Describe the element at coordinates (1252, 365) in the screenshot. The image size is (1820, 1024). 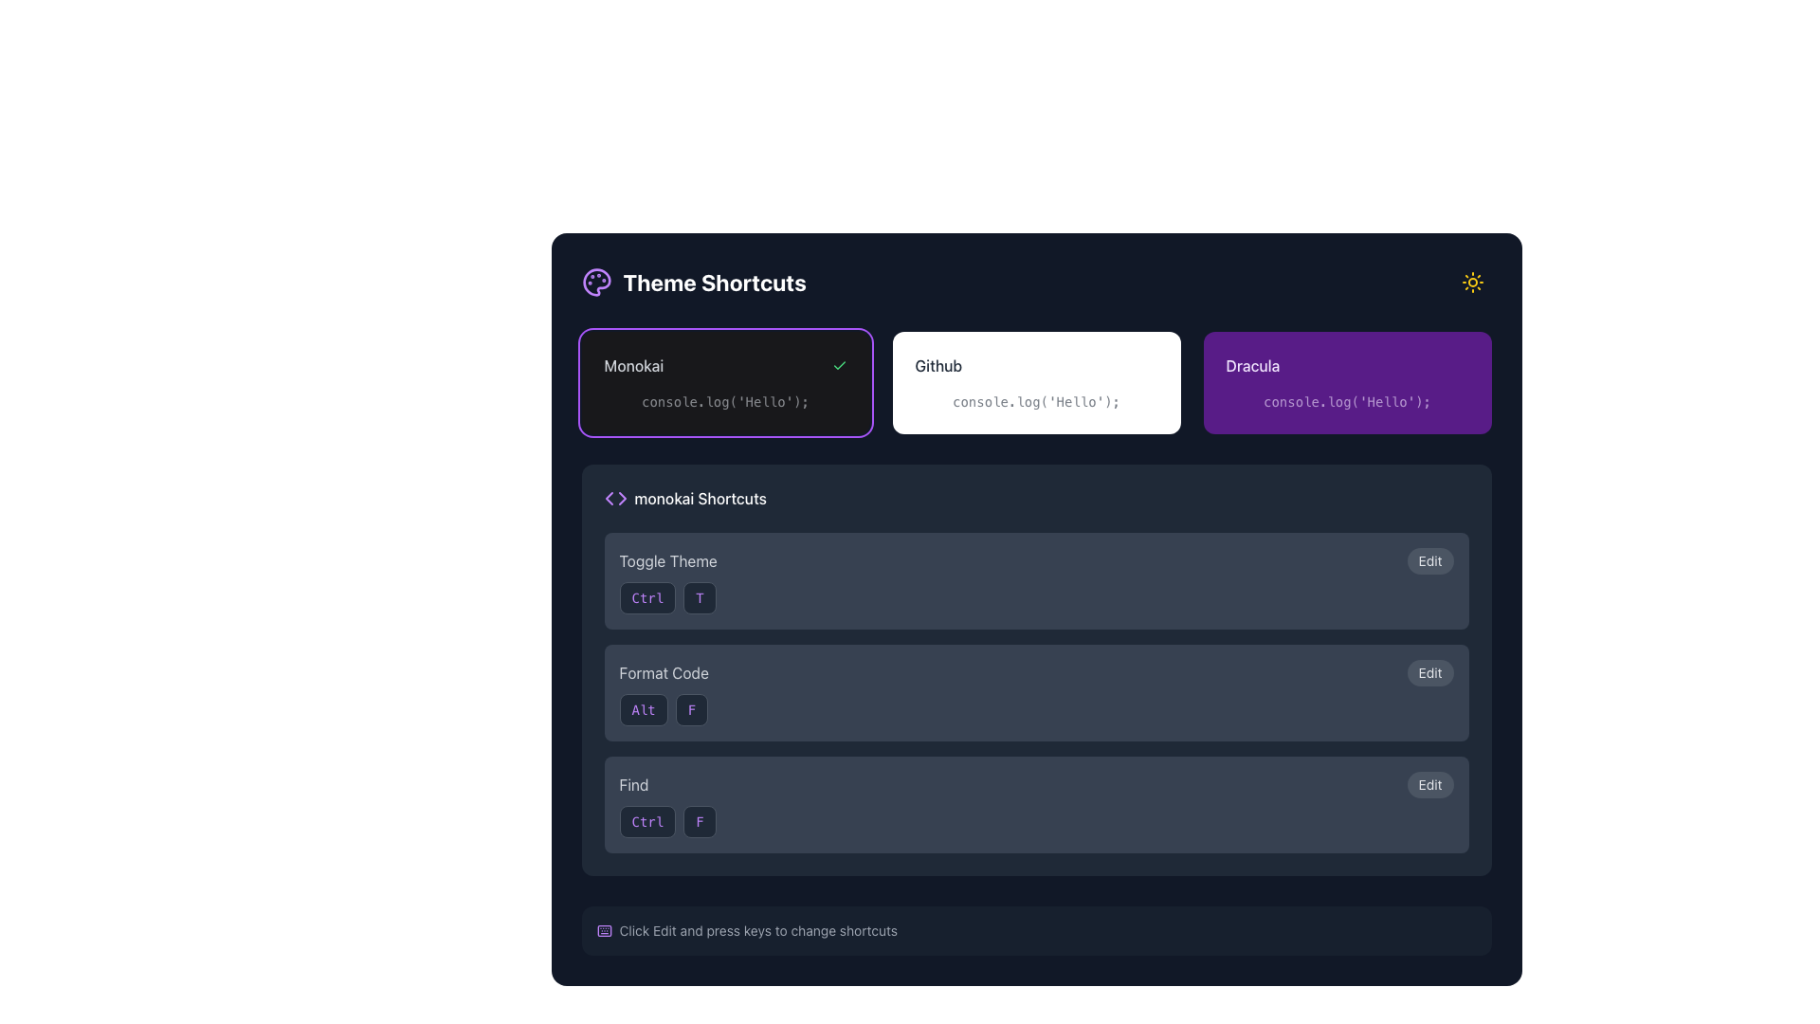
I see `the text label displaying 'Dracula' in a medium-weight, capitalized, light purple font on a purple rectangular background` at that location.